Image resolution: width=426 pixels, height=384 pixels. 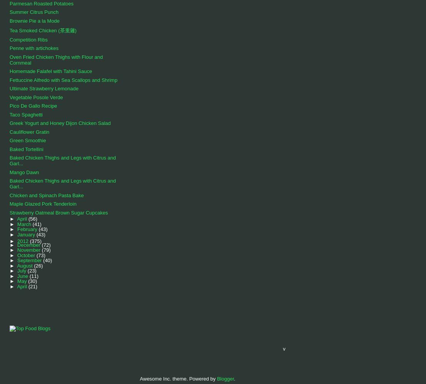 I want to click on 'Mango Dawn', so click(x=24, y=172).